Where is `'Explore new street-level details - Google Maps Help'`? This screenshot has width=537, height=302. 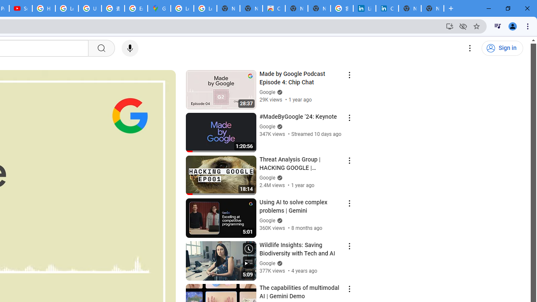
'Explore new street-level details - Google Maps Help' is located at coordinates (136, 8).